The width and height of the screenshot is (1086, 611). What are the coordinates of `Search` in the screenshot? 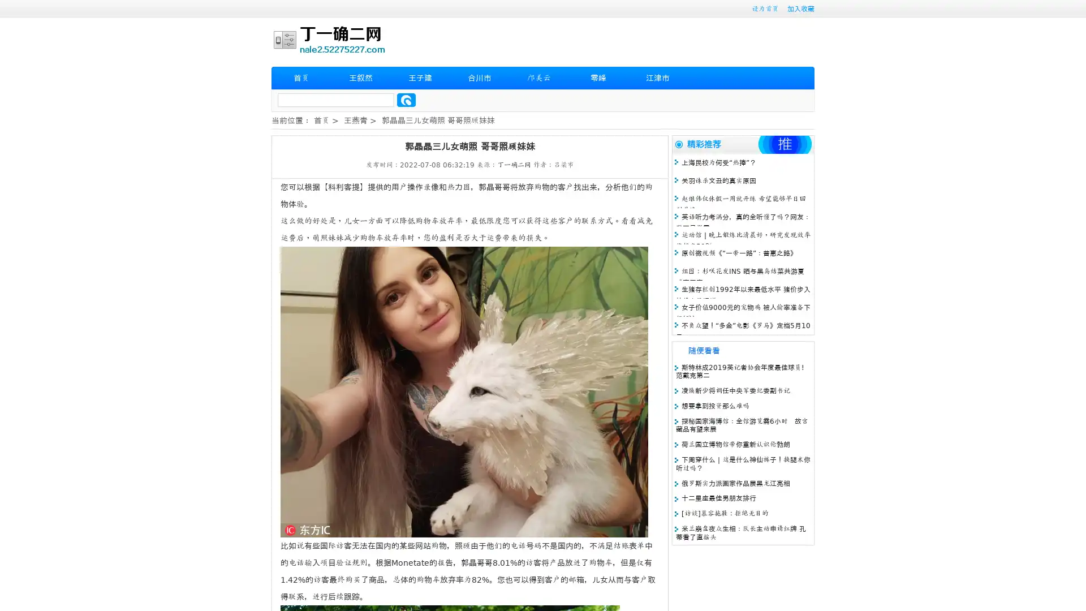 It's located at (406, 100).